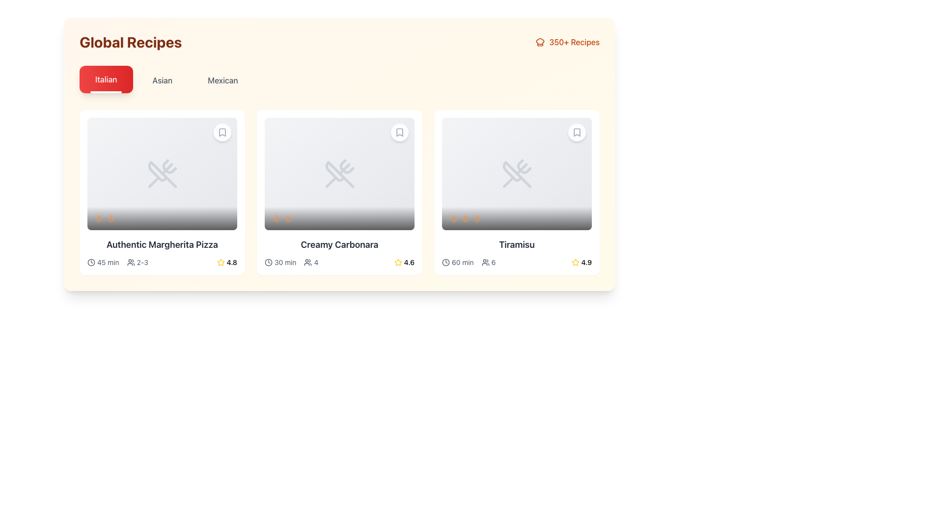 This screenshot has height=530, width=943. What do you see at coordinates (400, 132) in the screenshot?
I see `the circular button with a white background and a gray bookmark icon located in the top-right corner of the second recipe card` at bounding box center [400, 132].